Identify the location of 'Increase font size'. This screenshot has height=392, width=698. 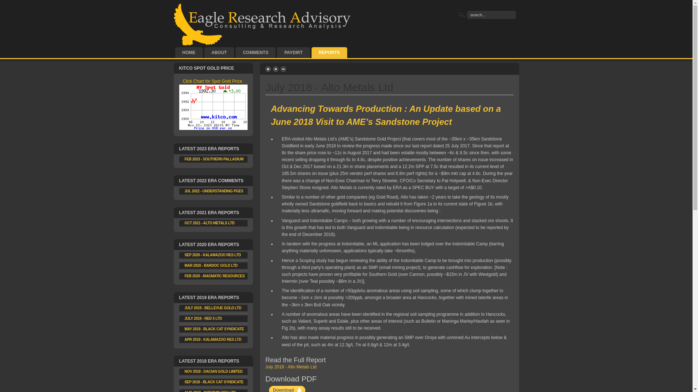
(268, 69).